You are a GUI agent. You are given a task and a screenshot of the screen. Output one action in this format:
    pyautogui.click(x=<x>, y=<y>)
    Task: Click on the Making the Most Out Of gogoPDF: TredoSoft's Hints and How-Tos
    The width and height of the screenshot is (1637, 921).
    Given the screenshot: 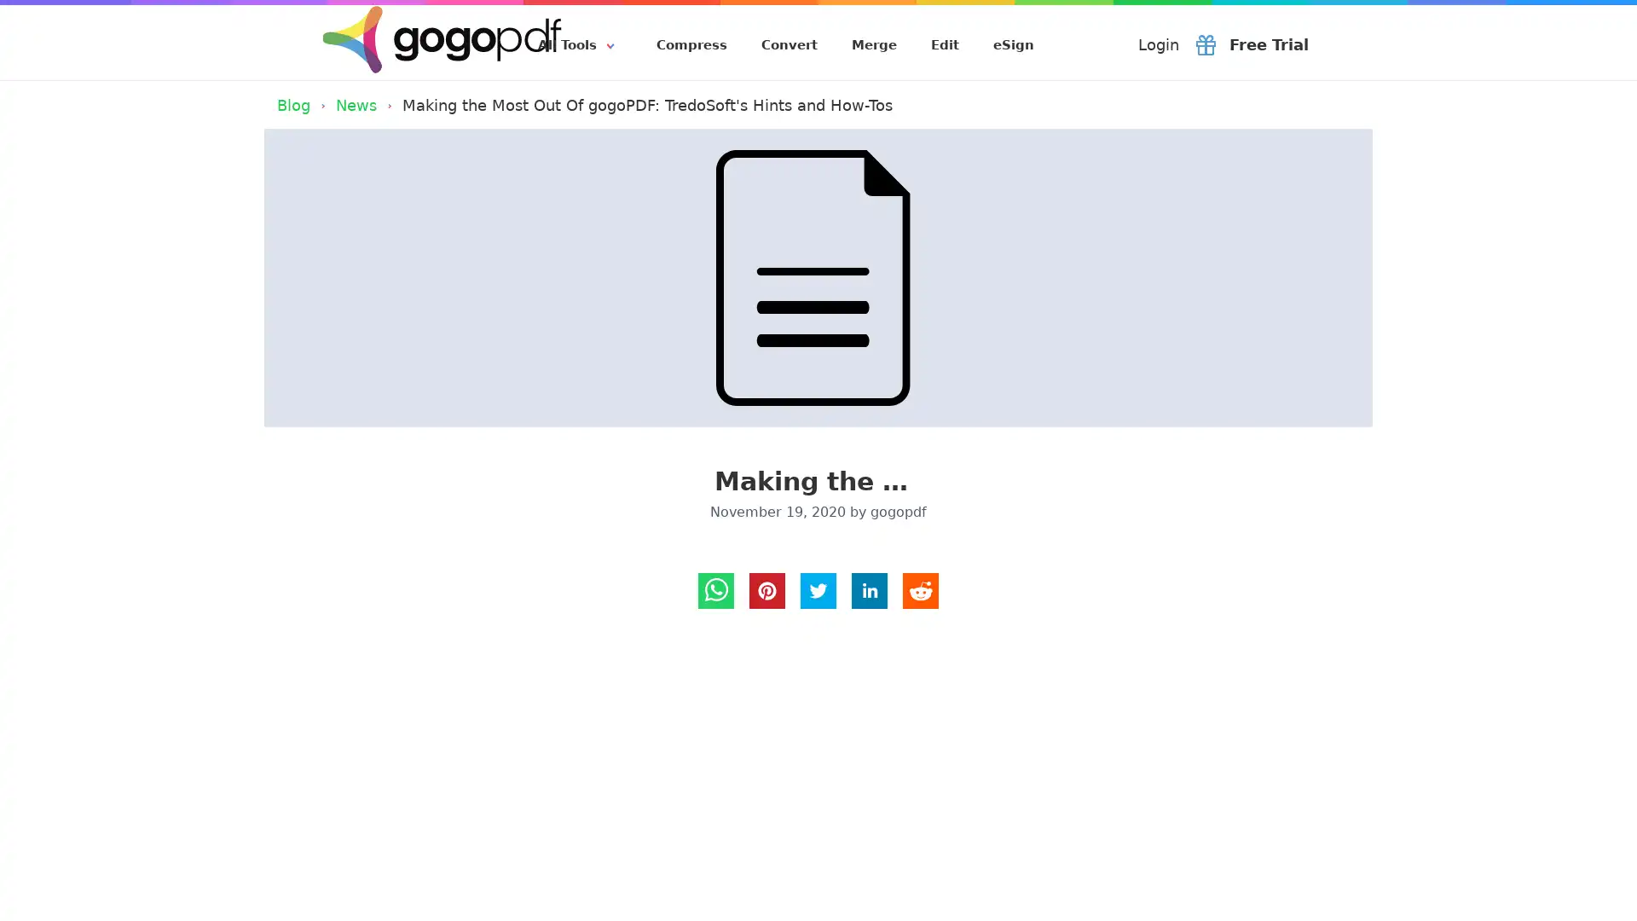 What is the action you would take?
    pyautogui.click(x=818, y=277)
    